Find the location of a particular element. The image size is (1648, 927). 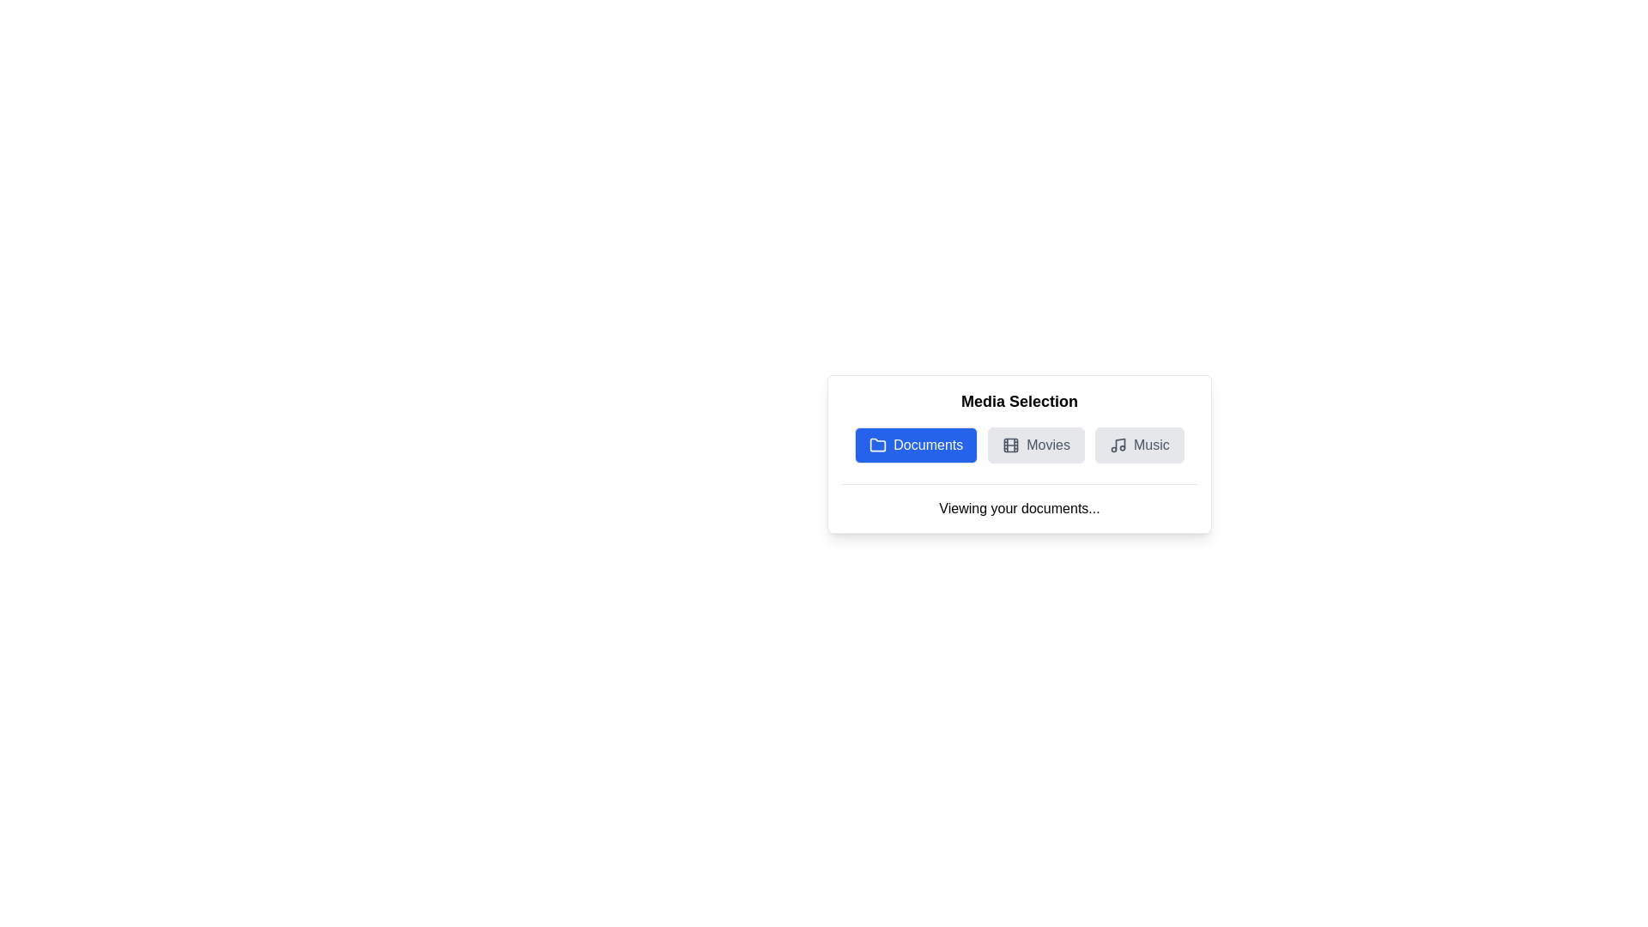

keyboard navigation is located at coordinates (915, 445).